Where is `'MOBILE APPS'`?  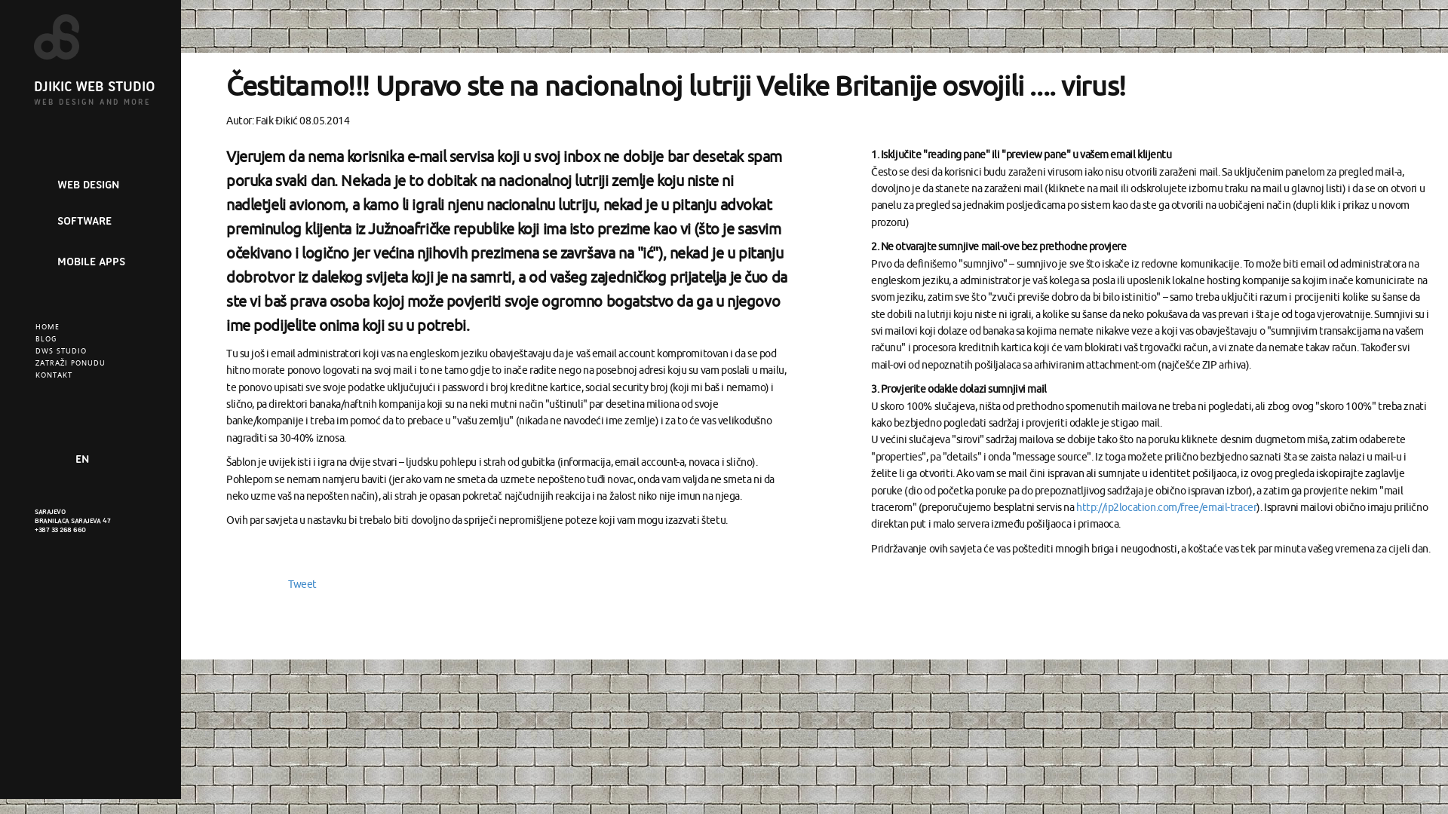
'MOBILE APPS' is located at coordinates (90, 261).